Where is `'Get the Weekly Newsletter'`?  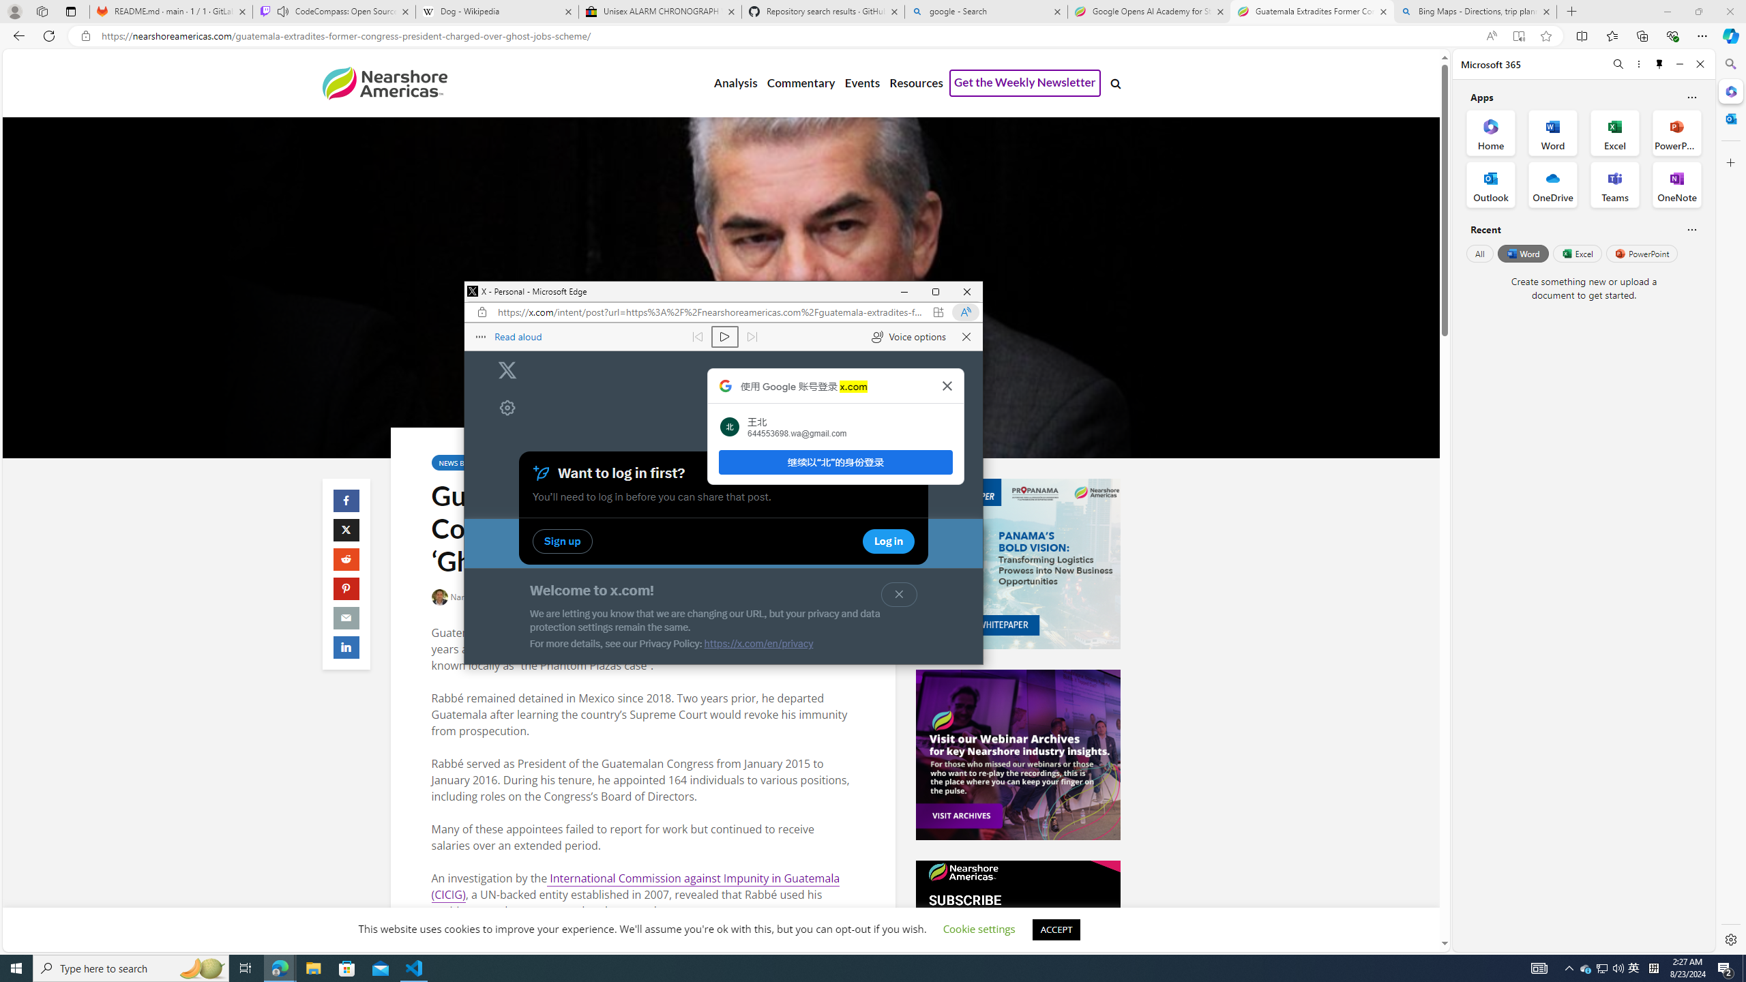 'Get the Weekly Newsletter' is located at coordinates (1024, 83).